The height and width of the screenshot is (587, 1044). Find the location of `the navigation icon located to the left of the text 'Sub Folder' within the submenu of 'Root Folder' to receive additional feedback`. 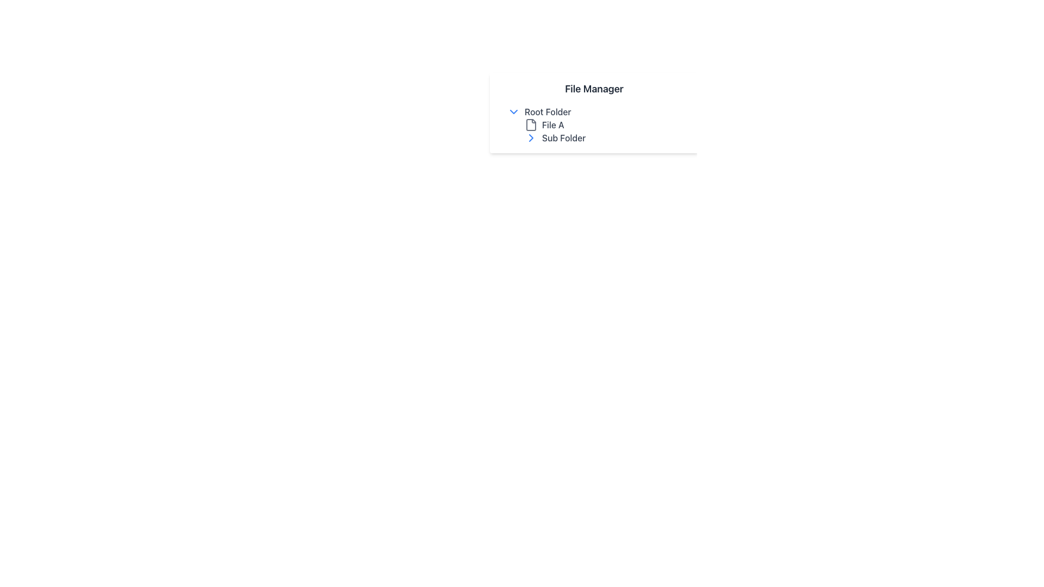

the navigation icon located to the left of the text 'Sub Folder' within the submenu of 'Root Folder' to receive additional feedback is located at coordinates (531, 138).